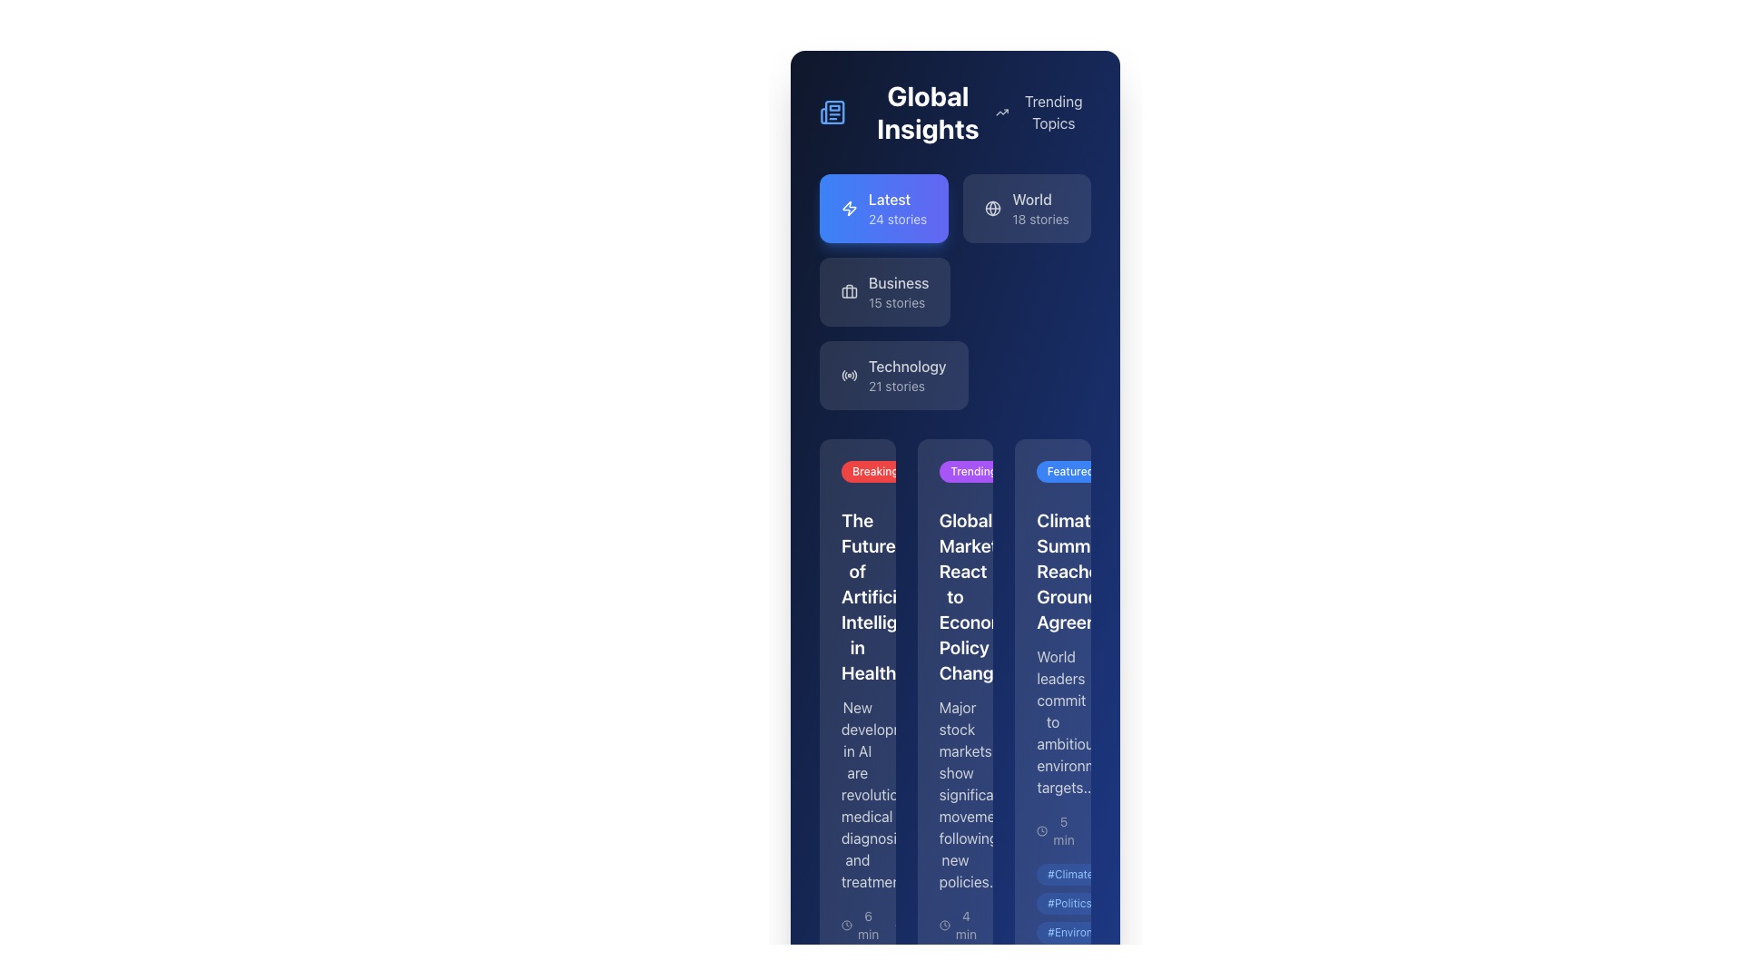  Describe the element at coordinates (966, 925) in the screenshot. I see `the comment icon located at the right edge of the vertical card containing the text '4 min'` at that location.